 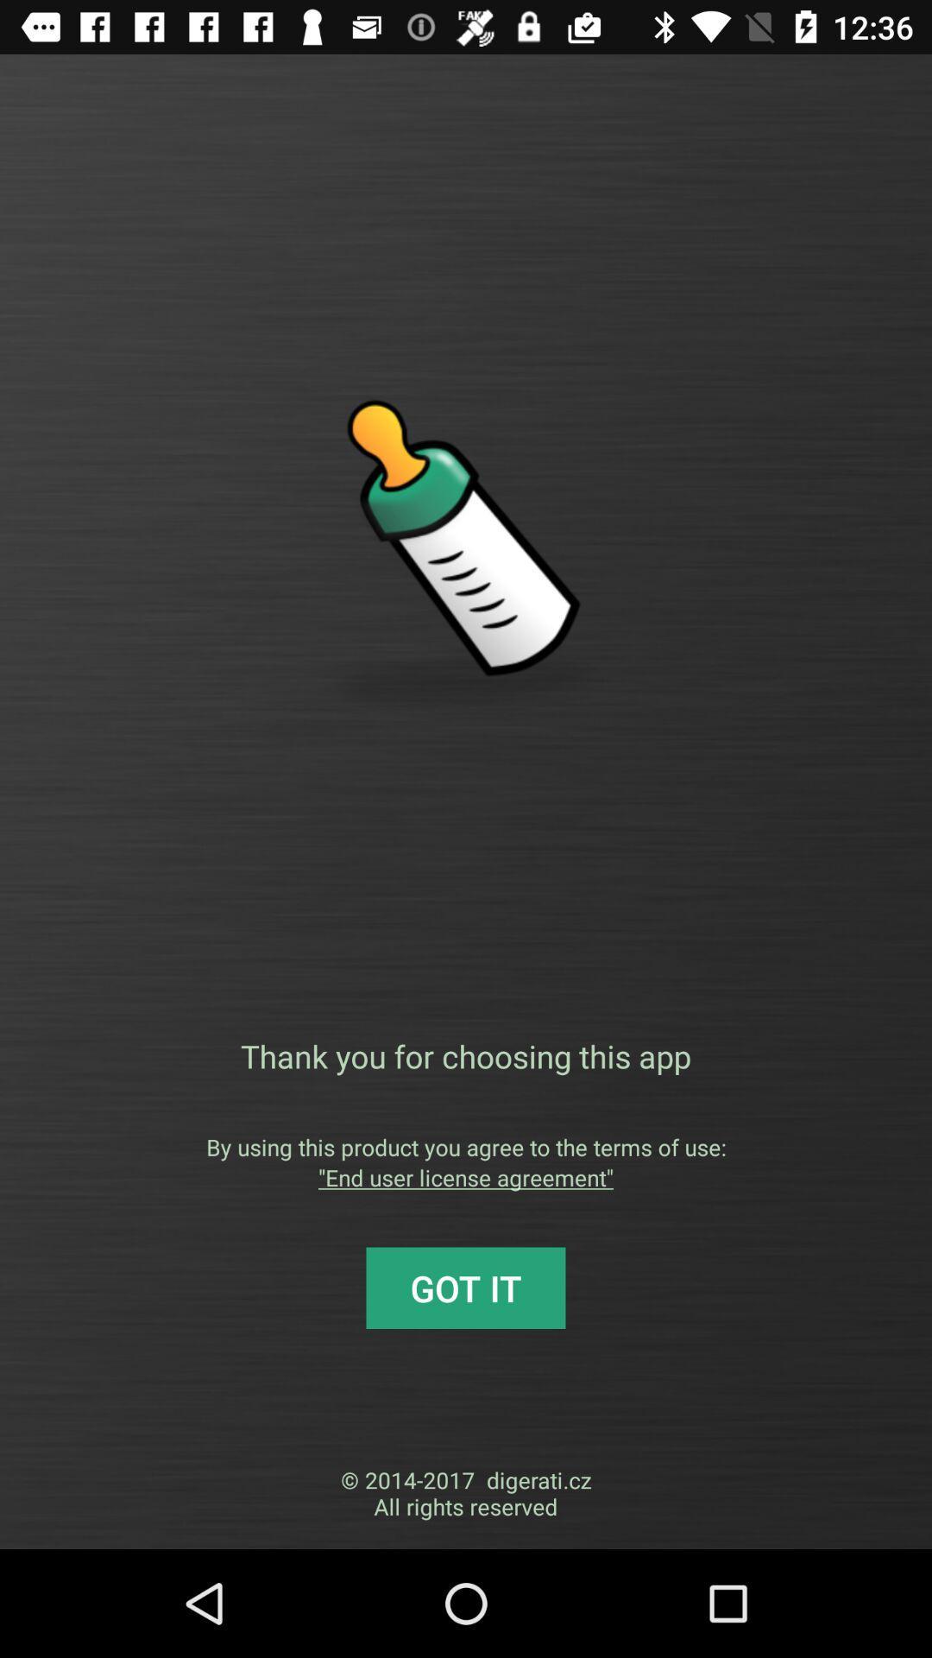 I want to click on the item below the end user license item, so click(x=466, y=1288).